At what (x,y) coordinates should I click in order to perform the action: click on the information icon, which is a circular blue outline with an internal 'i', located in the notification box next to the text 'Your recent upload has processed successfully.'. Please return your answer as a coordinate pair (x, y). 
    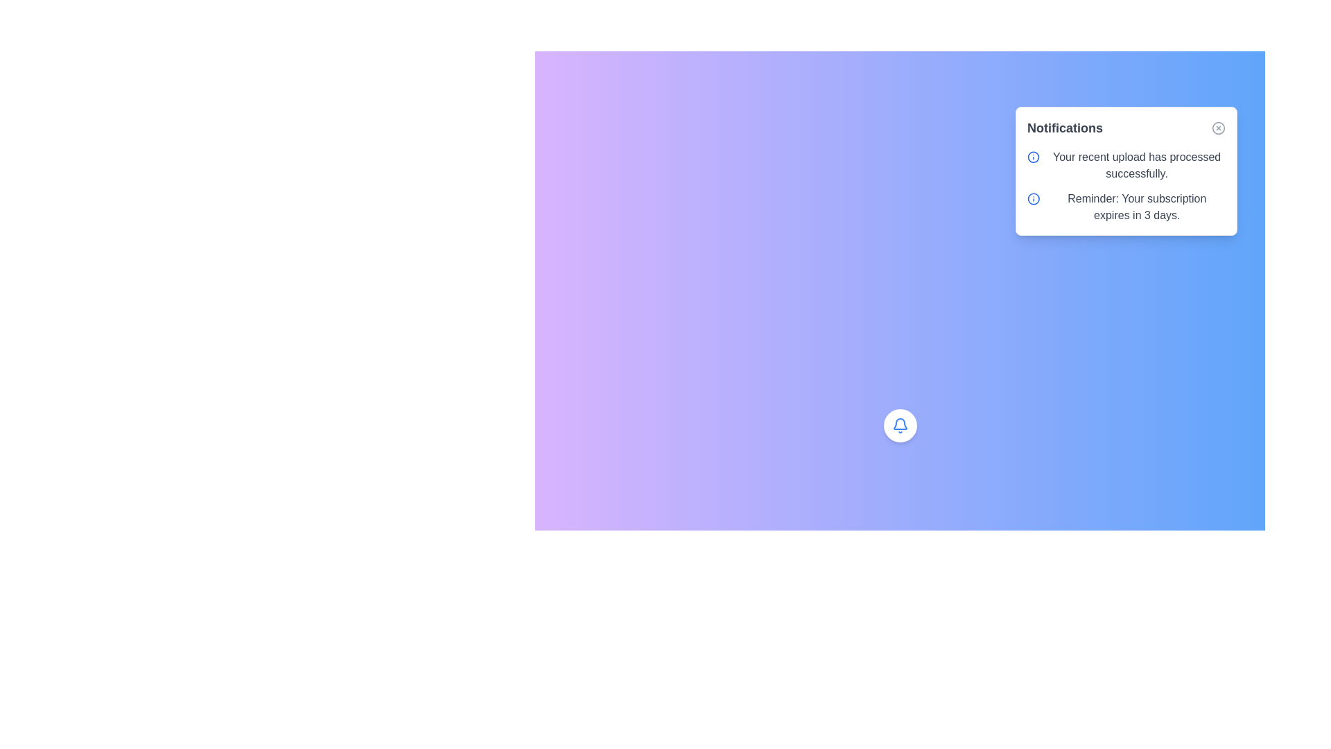
    Looking at the image, I should click on (1034, 157).